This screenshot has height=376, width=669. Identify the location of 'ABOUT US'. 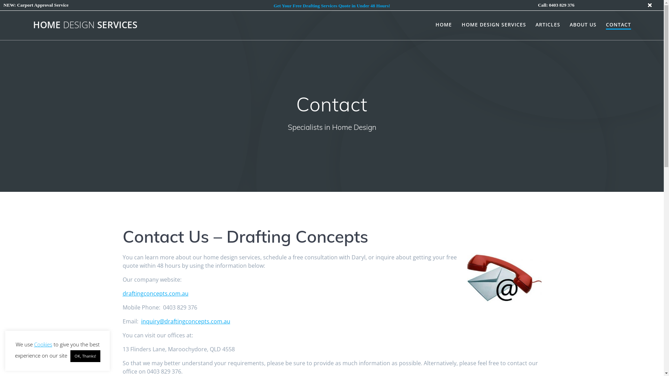
(583, 24).